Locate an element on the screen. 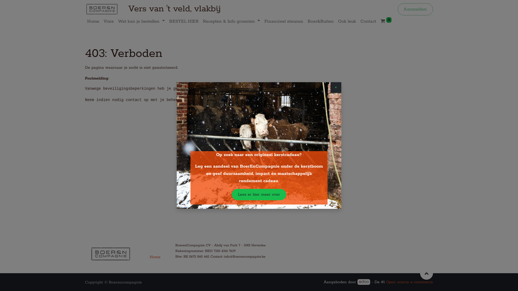  'Contact' is located at coordinates (368, 21).